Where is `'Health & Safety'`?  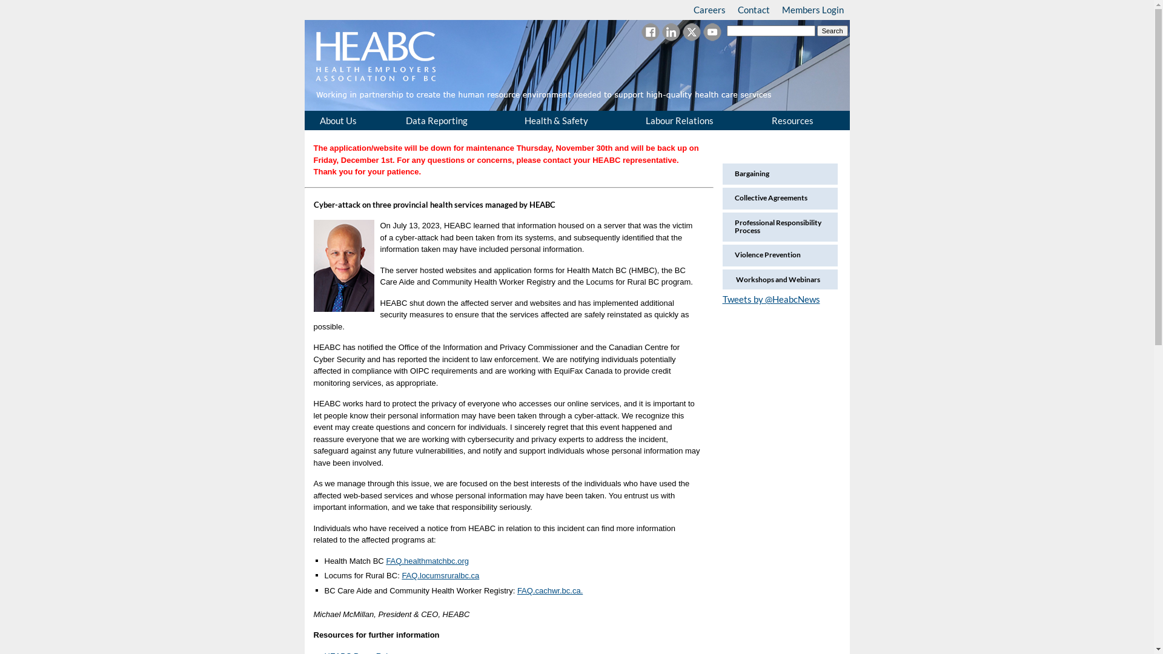 'Health & Safety' is located at coordinates (509, 120).